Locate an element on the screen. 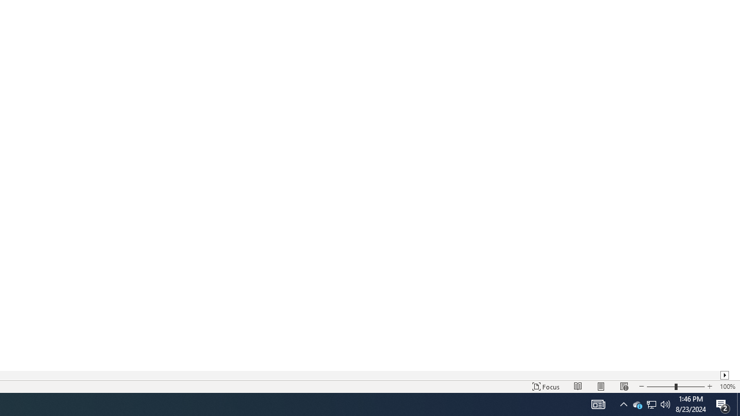  'Column right' is located at coordinates (724, 375).